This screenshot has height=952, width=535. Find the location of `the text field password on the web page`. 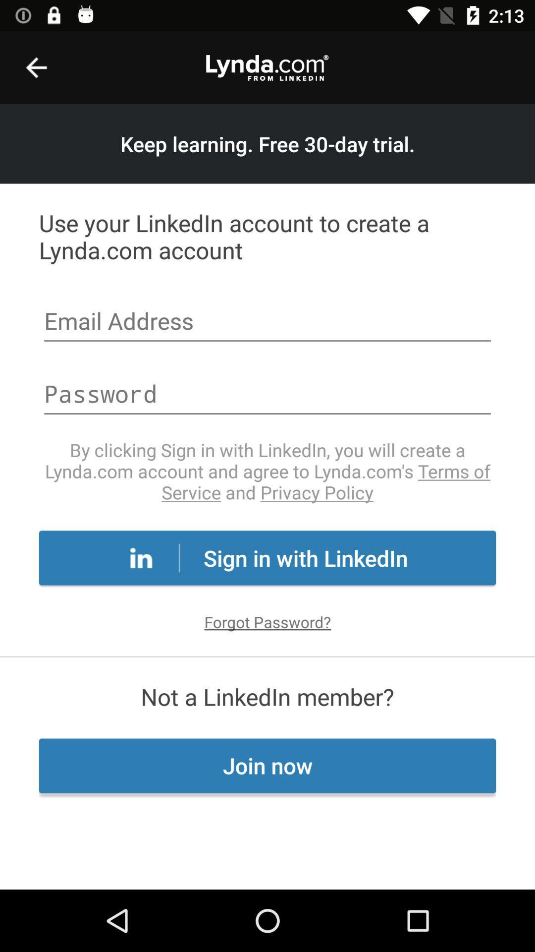

the text field password on the web page is located at coordinates (267, 395).